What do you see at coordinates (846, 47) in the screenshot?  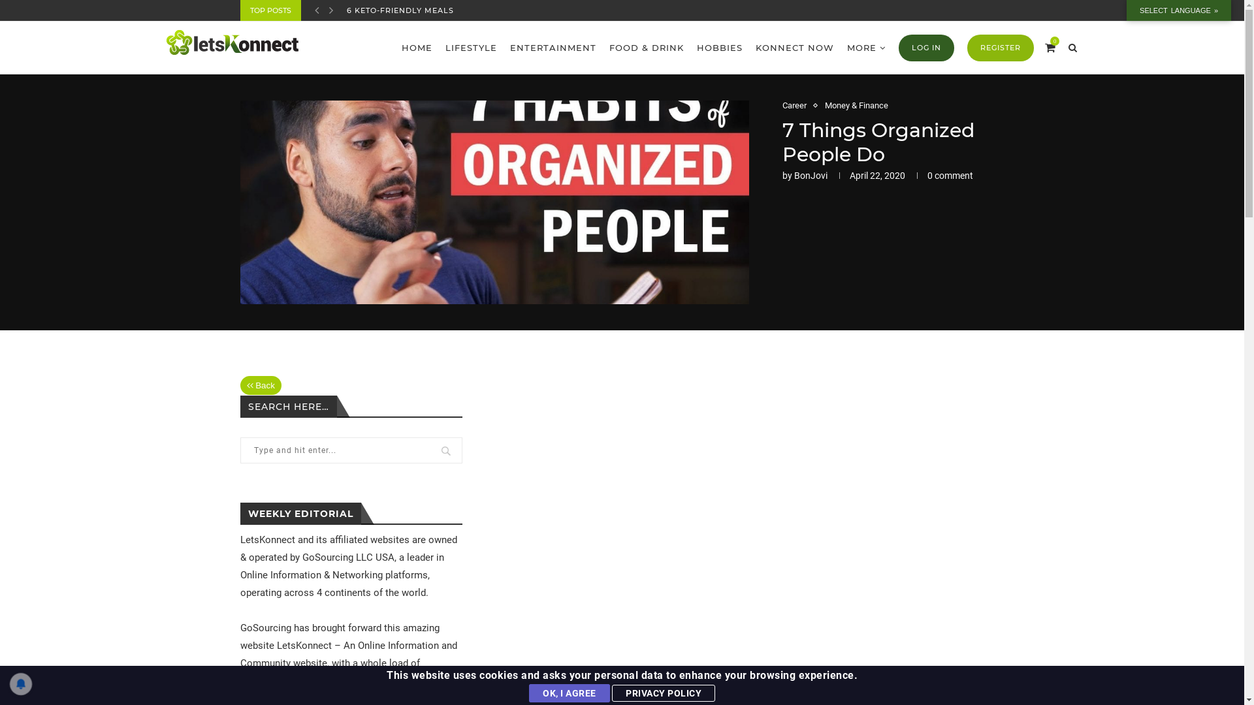 I see `'MORE'` at bounding box center [846, 47].